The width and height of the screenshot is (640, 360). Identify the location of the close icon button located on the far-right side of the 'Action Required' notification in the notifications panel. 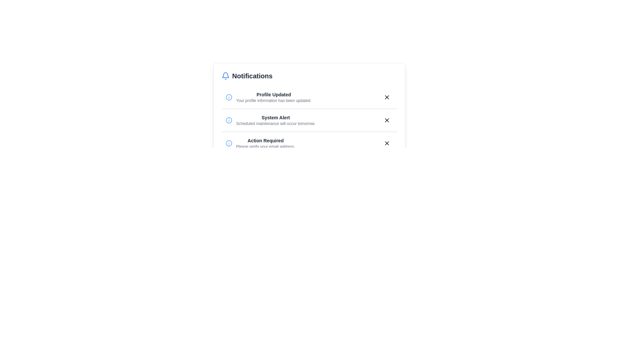
(387, 143).